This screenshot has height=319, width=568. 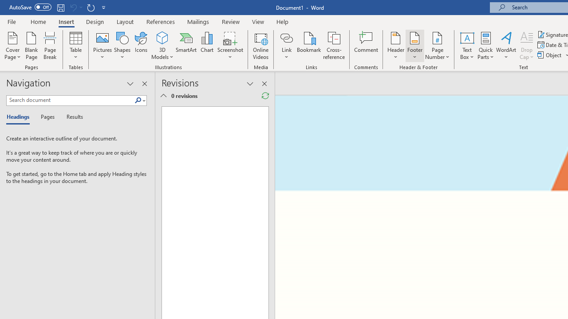 What do you see at coordinates (122, 46) in the screenshot?
I see `'Shapes'` at bounding box center [122, 46].